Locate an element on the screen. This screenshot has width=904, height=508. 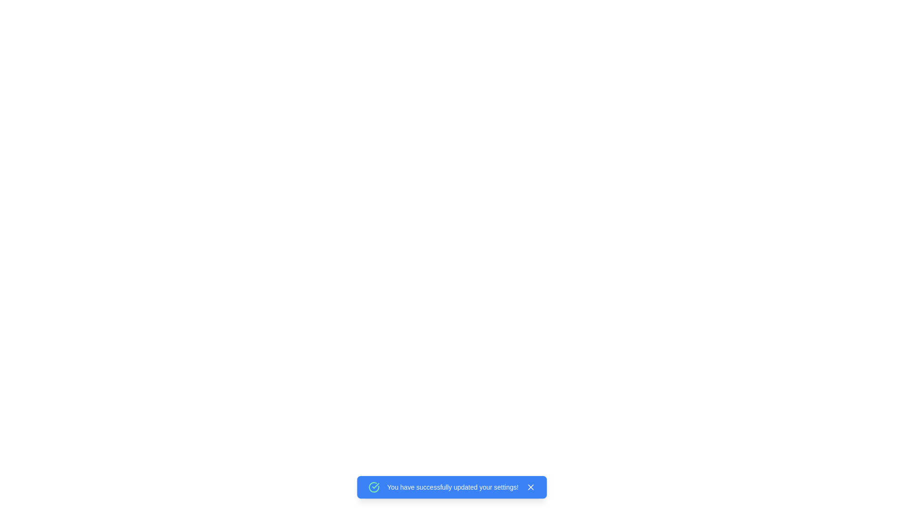
the Close Button Icon located in the bottom-right corner of the blue notification bar is located at coordinates (531, 487).